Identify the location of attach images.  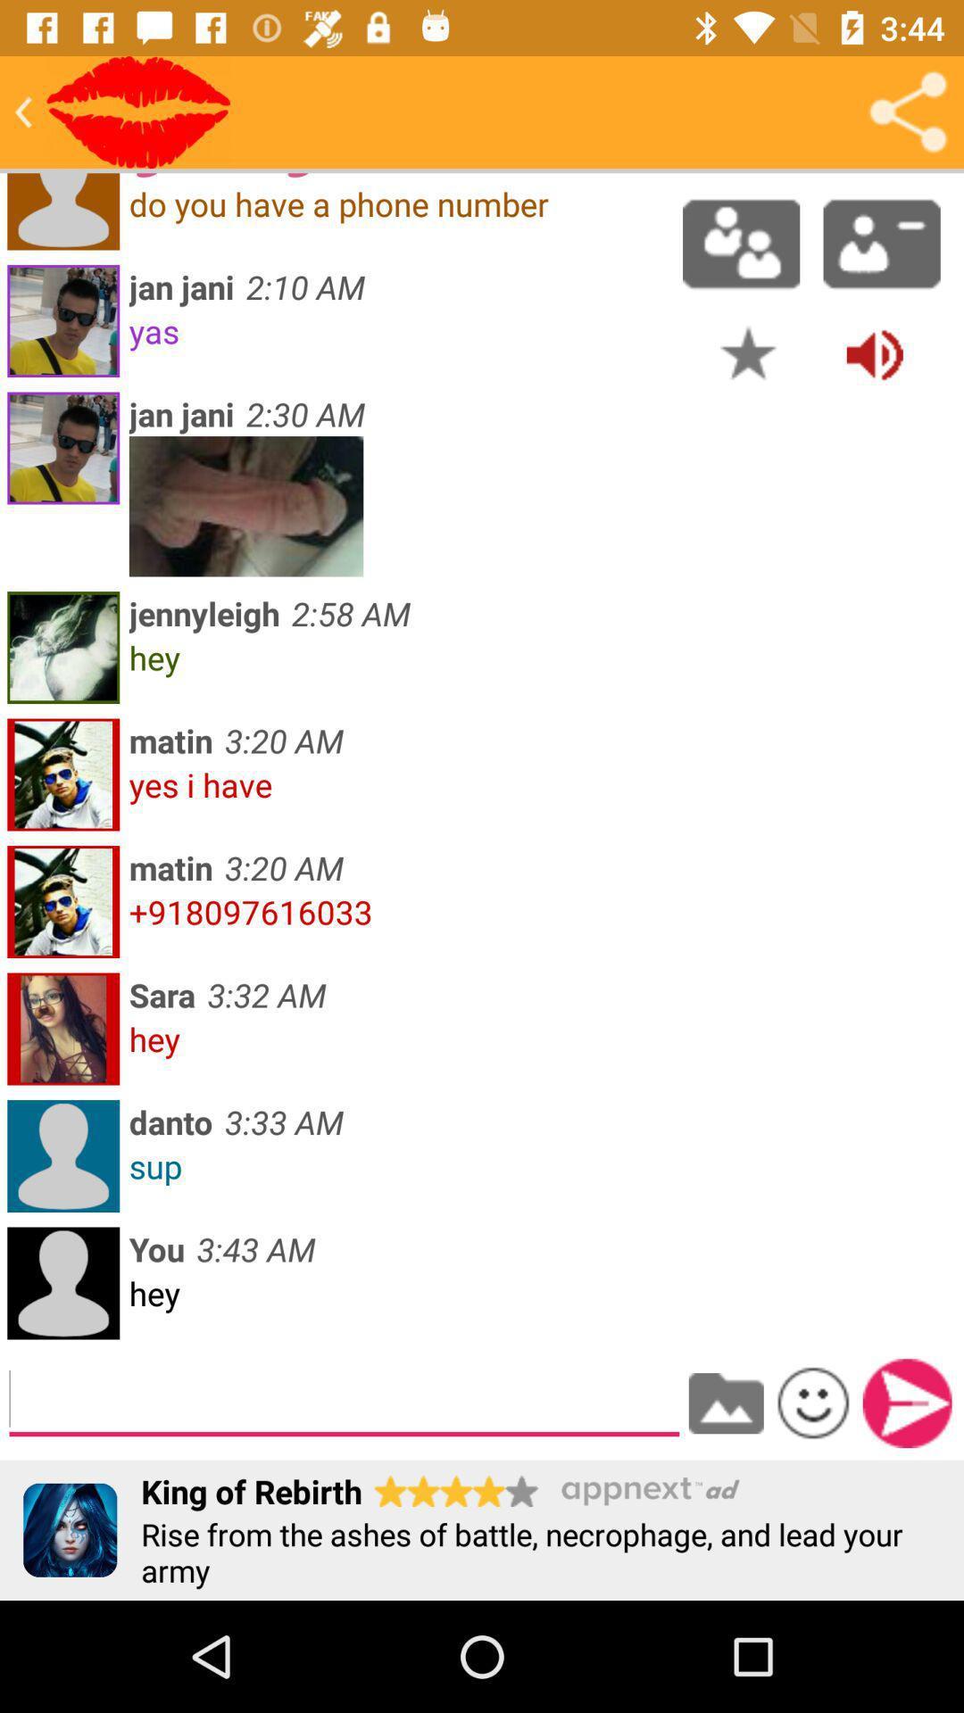
(726, 1403).